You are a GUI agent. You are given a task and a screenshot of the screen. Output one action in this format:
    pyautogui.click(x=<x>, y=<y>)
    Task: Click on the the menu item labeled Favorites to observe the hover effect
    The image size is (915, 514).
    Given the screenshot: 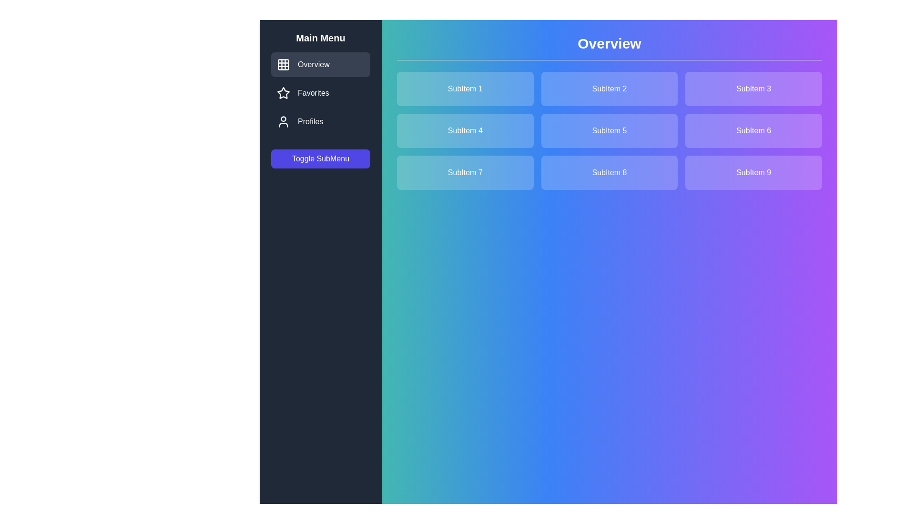 What is the action you would take?
    pyautogui.click(x=320, y=93)
    